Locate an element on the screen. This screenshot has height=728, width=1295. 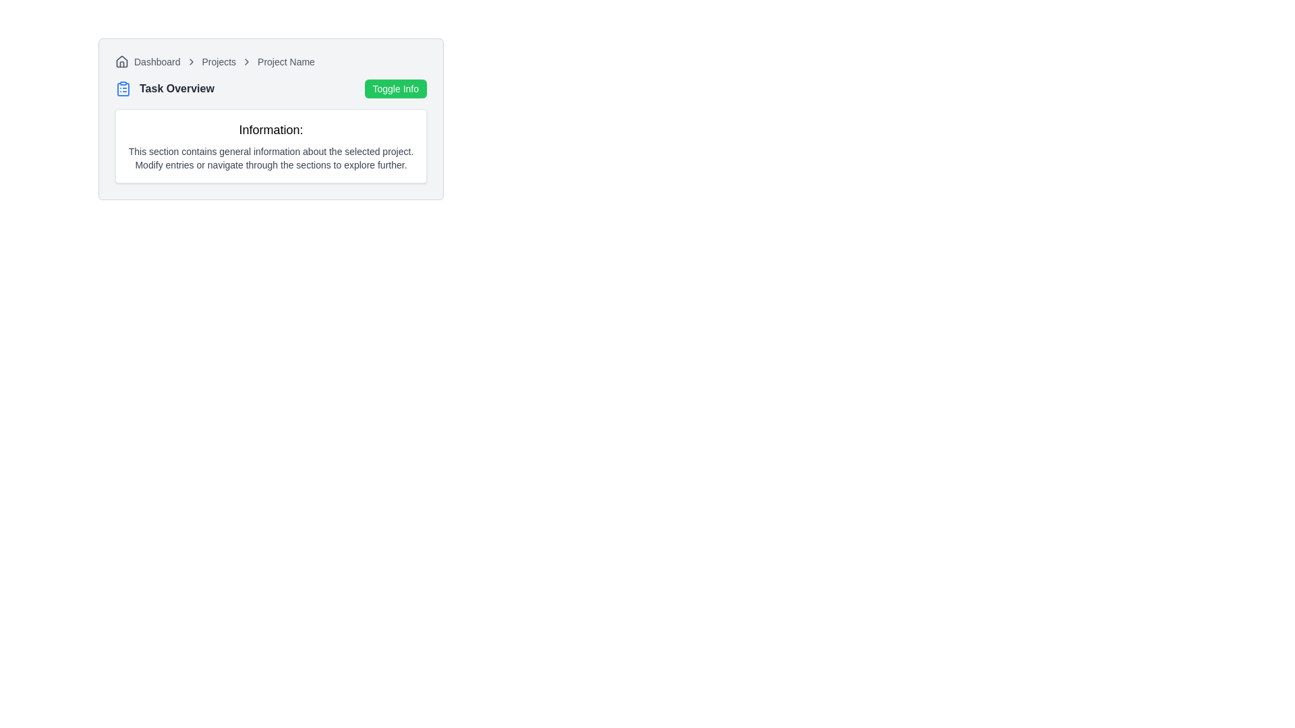
the descriptive text element located below the title 'Information:' in a bordered white rectangular area, which provides guidance and information regarding available functionalities is located at coordinates (270, 158).